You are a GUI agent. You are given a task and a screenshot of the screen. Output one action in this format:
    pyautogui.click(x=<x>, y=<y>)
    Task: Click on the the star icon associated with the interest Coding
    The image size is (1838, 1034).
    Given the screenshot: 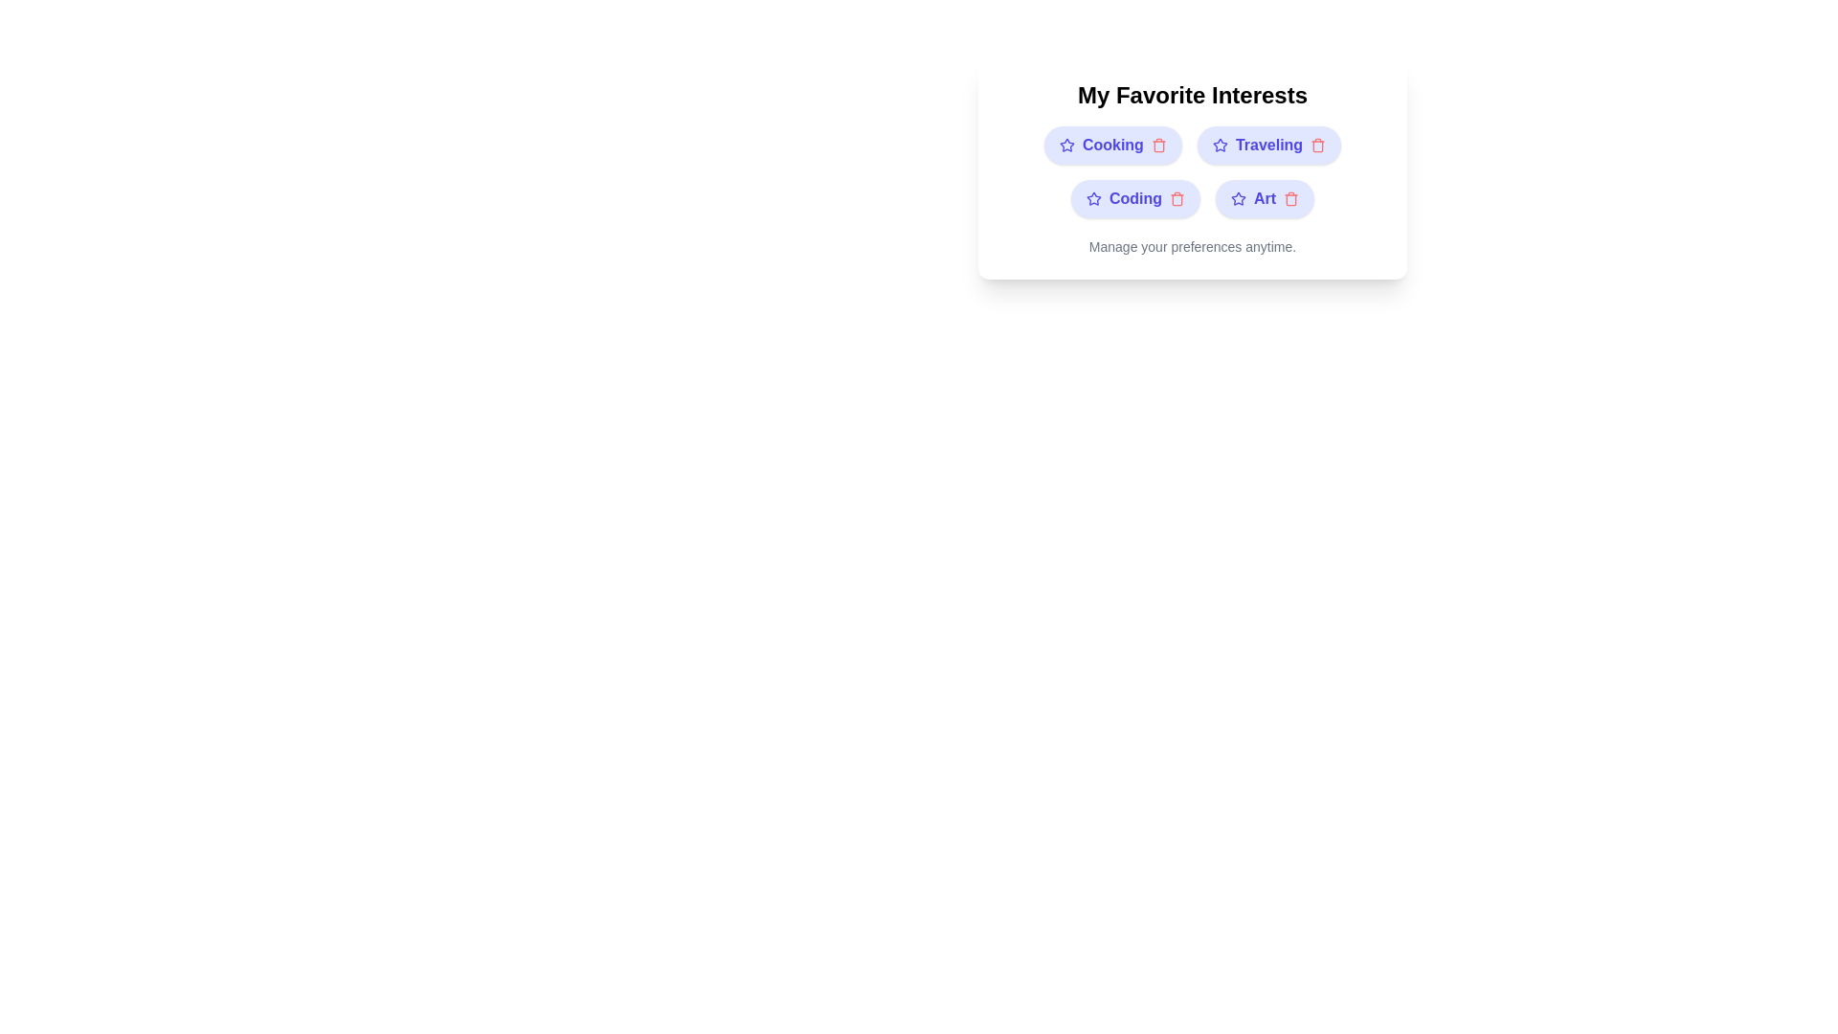 What is the action you would take?
    pyautogui.click(x=1093, y=199)
    